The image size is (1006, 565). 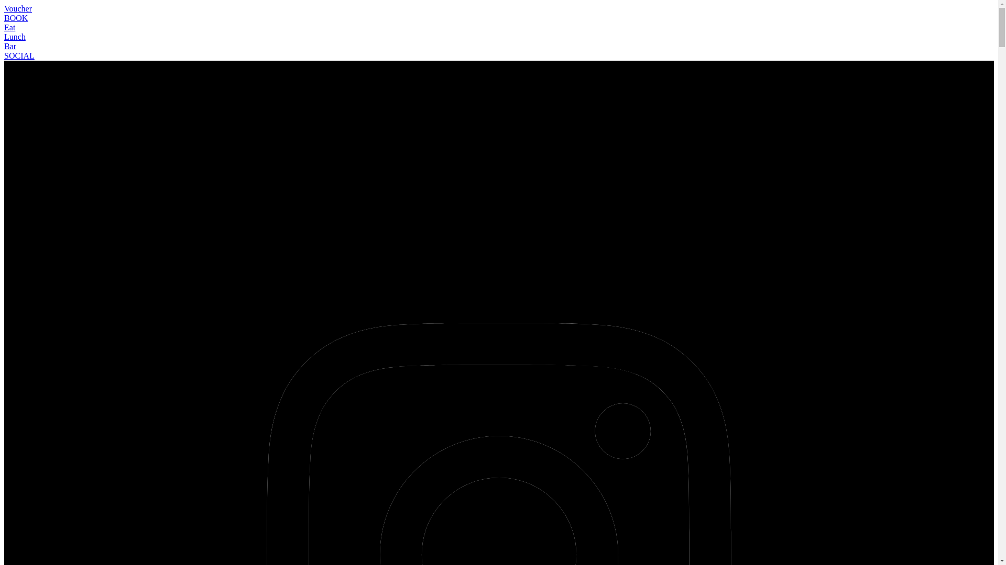 I want to click on 'SOCIAL', so click(x=19, y=55).